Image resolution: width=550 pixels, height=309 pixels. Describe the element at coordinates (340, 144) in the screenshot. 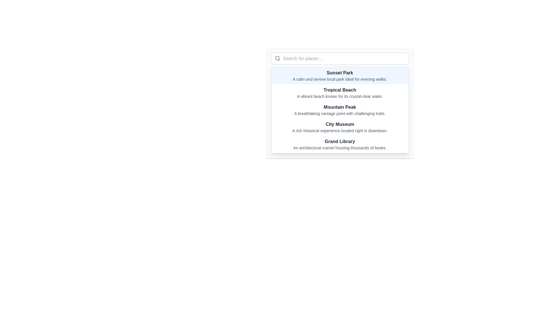

I see `to select the 'Grand Library' entry, which is the fifth item in a vertical list, featuring a bolded title in dark gray and a descriptive line in lighter gray` at that location.